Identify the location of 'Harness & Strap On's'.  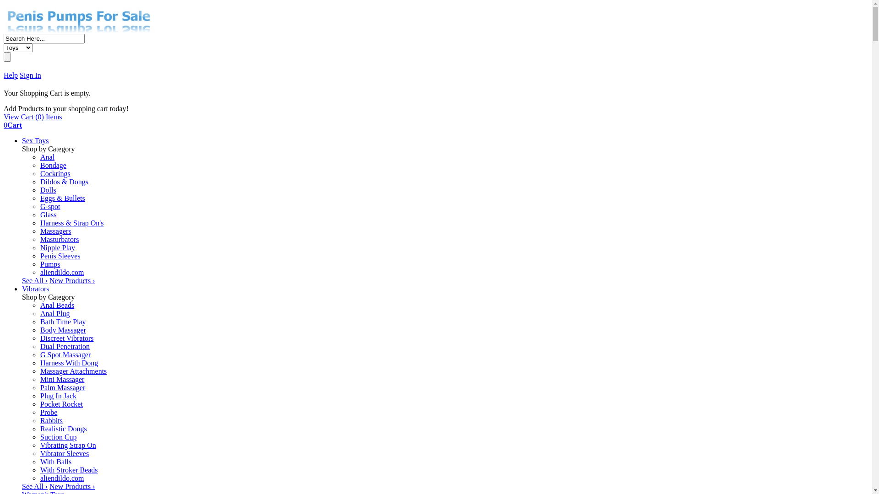
(71, 223).